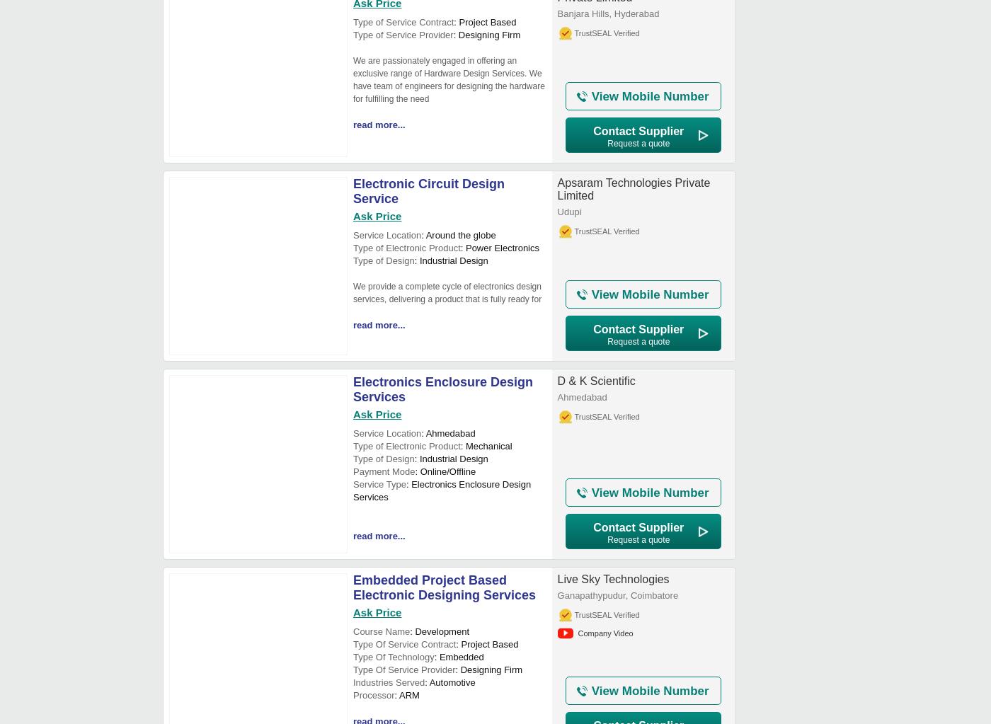  What do you see at coordinates (353, 483) in the screenshot?
I see `'Service Type'` at bounding box center [353, 483].